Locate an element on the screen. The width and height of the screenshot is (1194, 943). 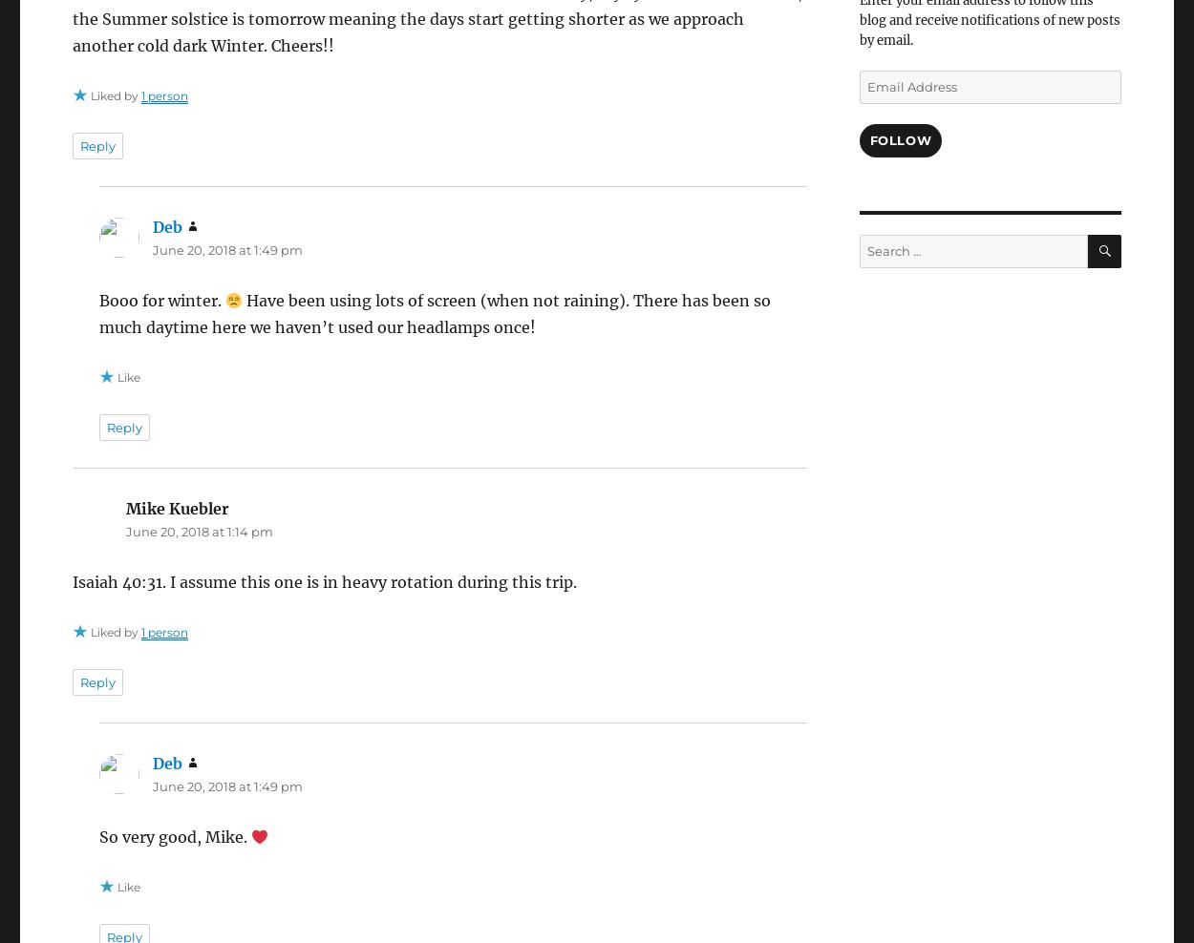
'So very good, Mike.' is located at coordinates (97, 834).